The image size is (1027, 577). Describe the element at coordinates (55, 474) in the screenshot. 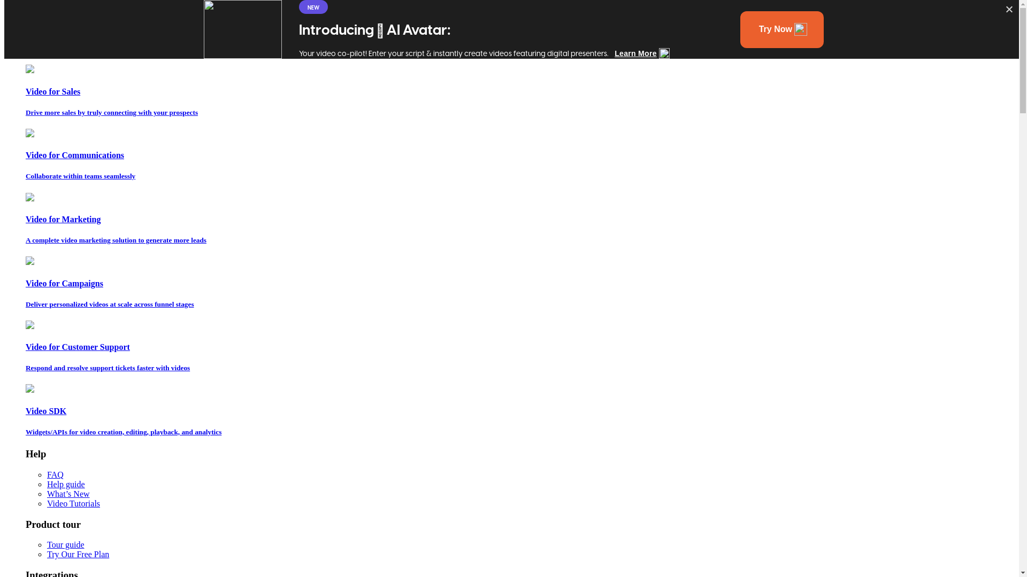

I see `'FAQ'` at that location.